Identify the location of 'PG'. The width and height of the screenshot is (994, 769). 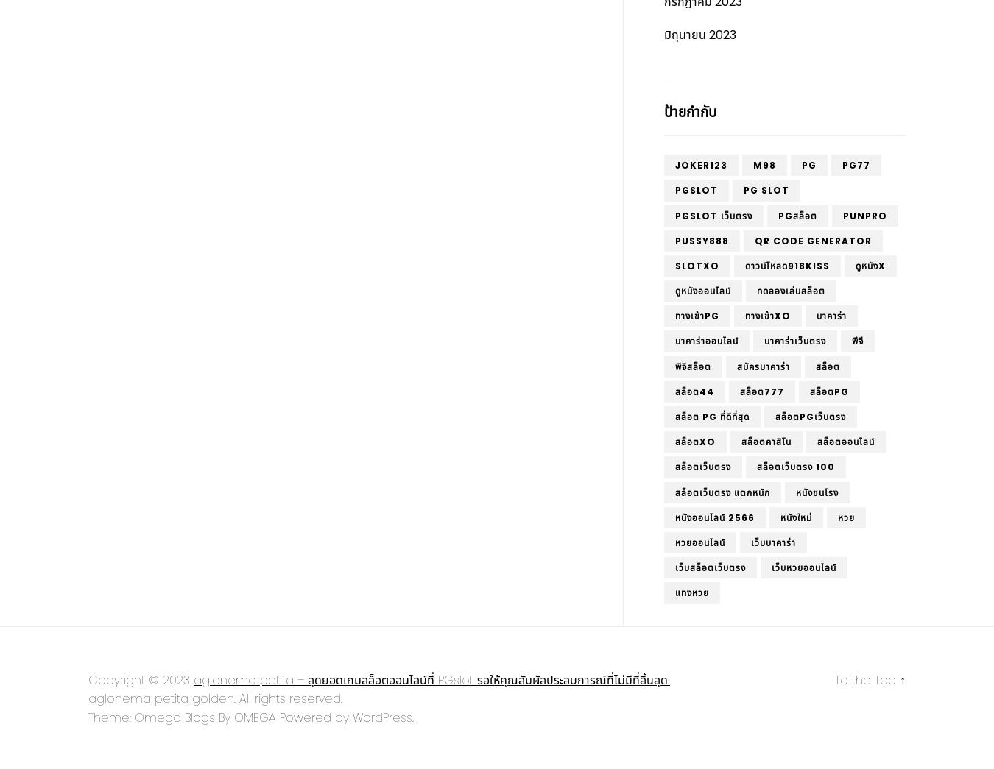
(802, 165).